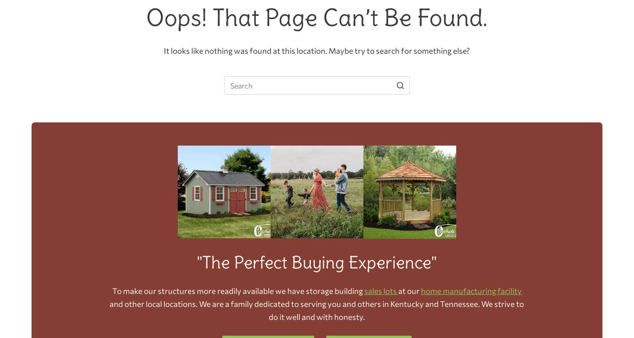 Image resolution: width=634 pixels, height=338 pixels. Describe the element at coordinates (331, 15) in the screenshot. I see `'Gazebos'` at that location.